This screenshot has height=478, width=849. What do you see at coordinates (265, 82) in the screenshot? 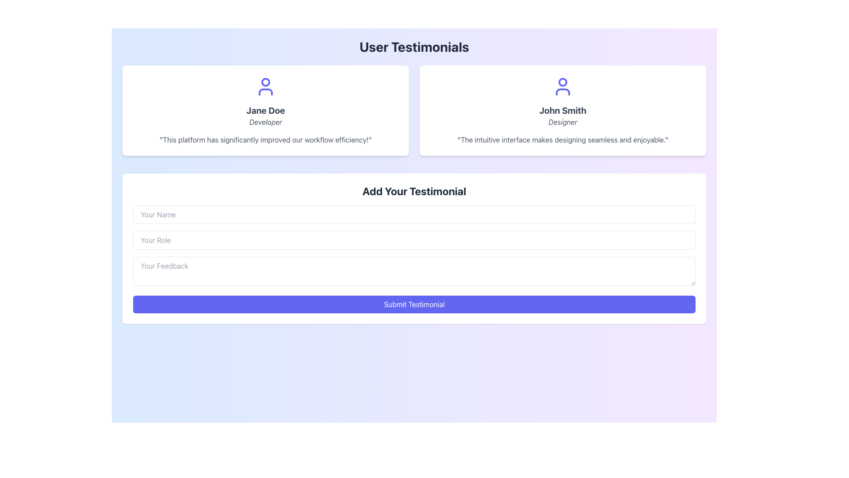
I see `the decorative Circle icon representing a profile image on the left card titled 'Jane Doe Developer' in the 'User Testimonials' section, positioned above the user's name` at bounding box center [265, 82].